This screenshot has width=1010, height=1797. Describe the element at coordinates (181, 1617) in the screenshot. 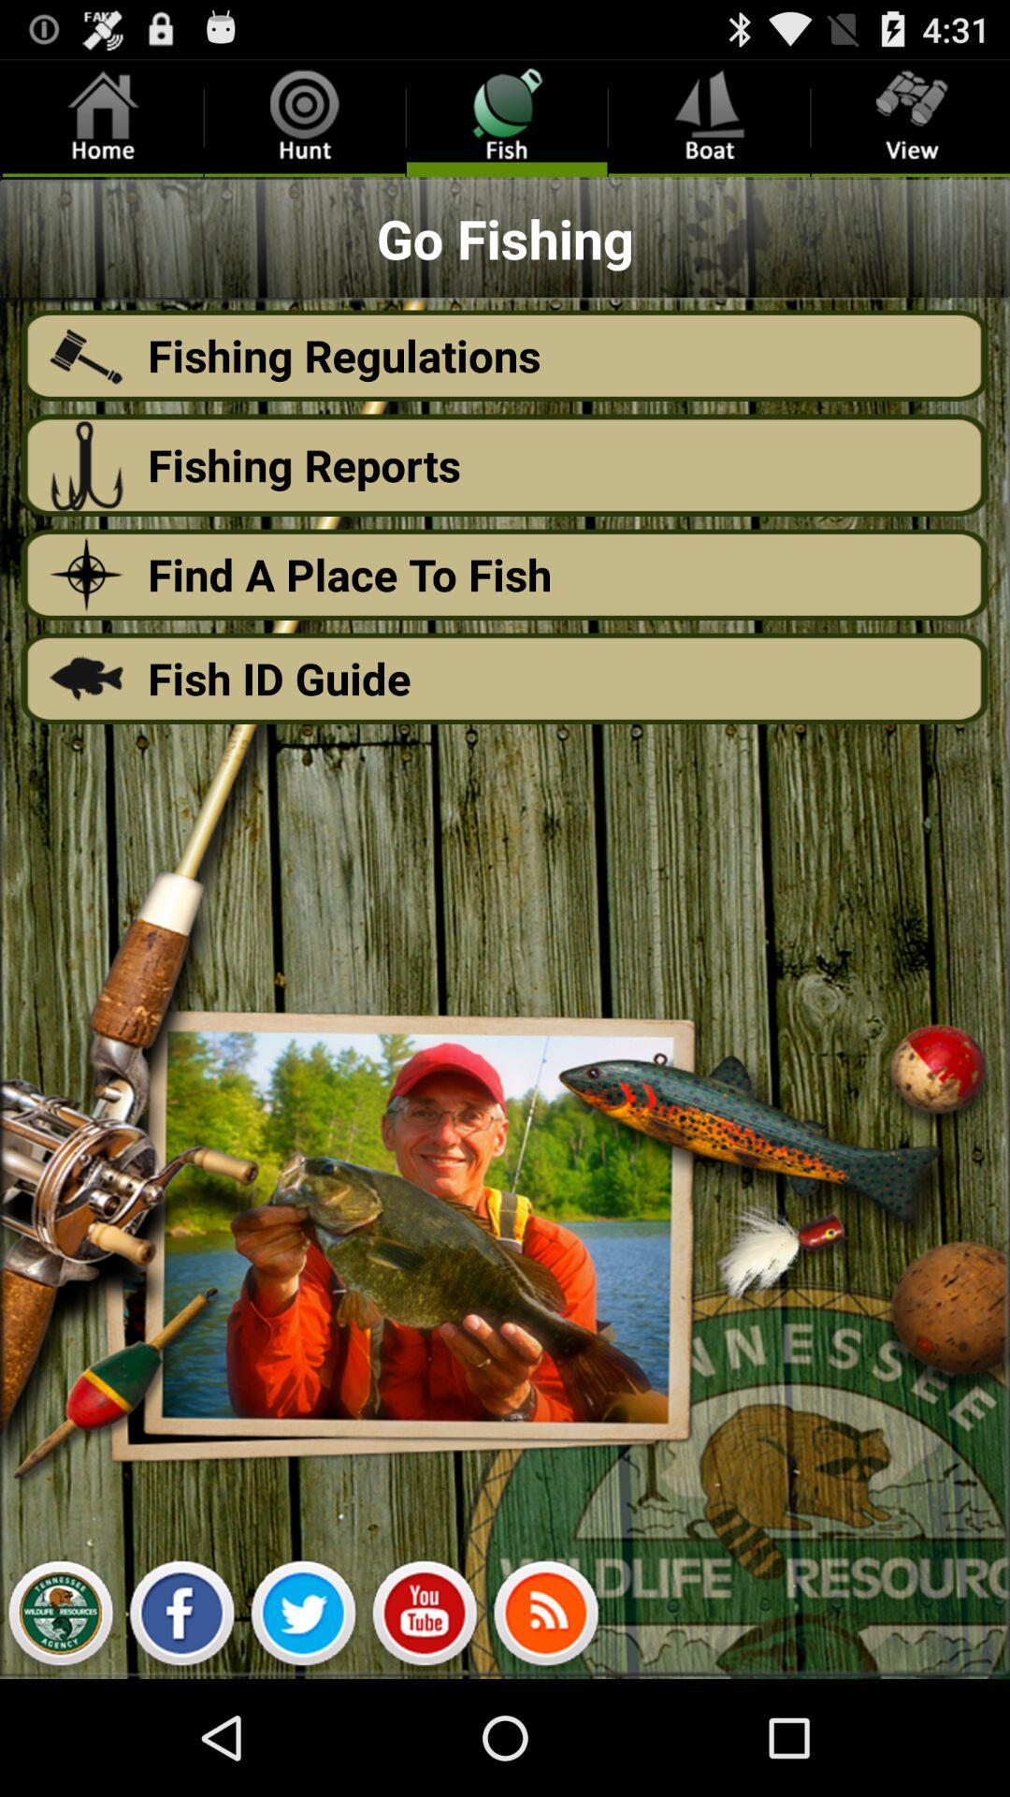

I see `facebook` at that location.